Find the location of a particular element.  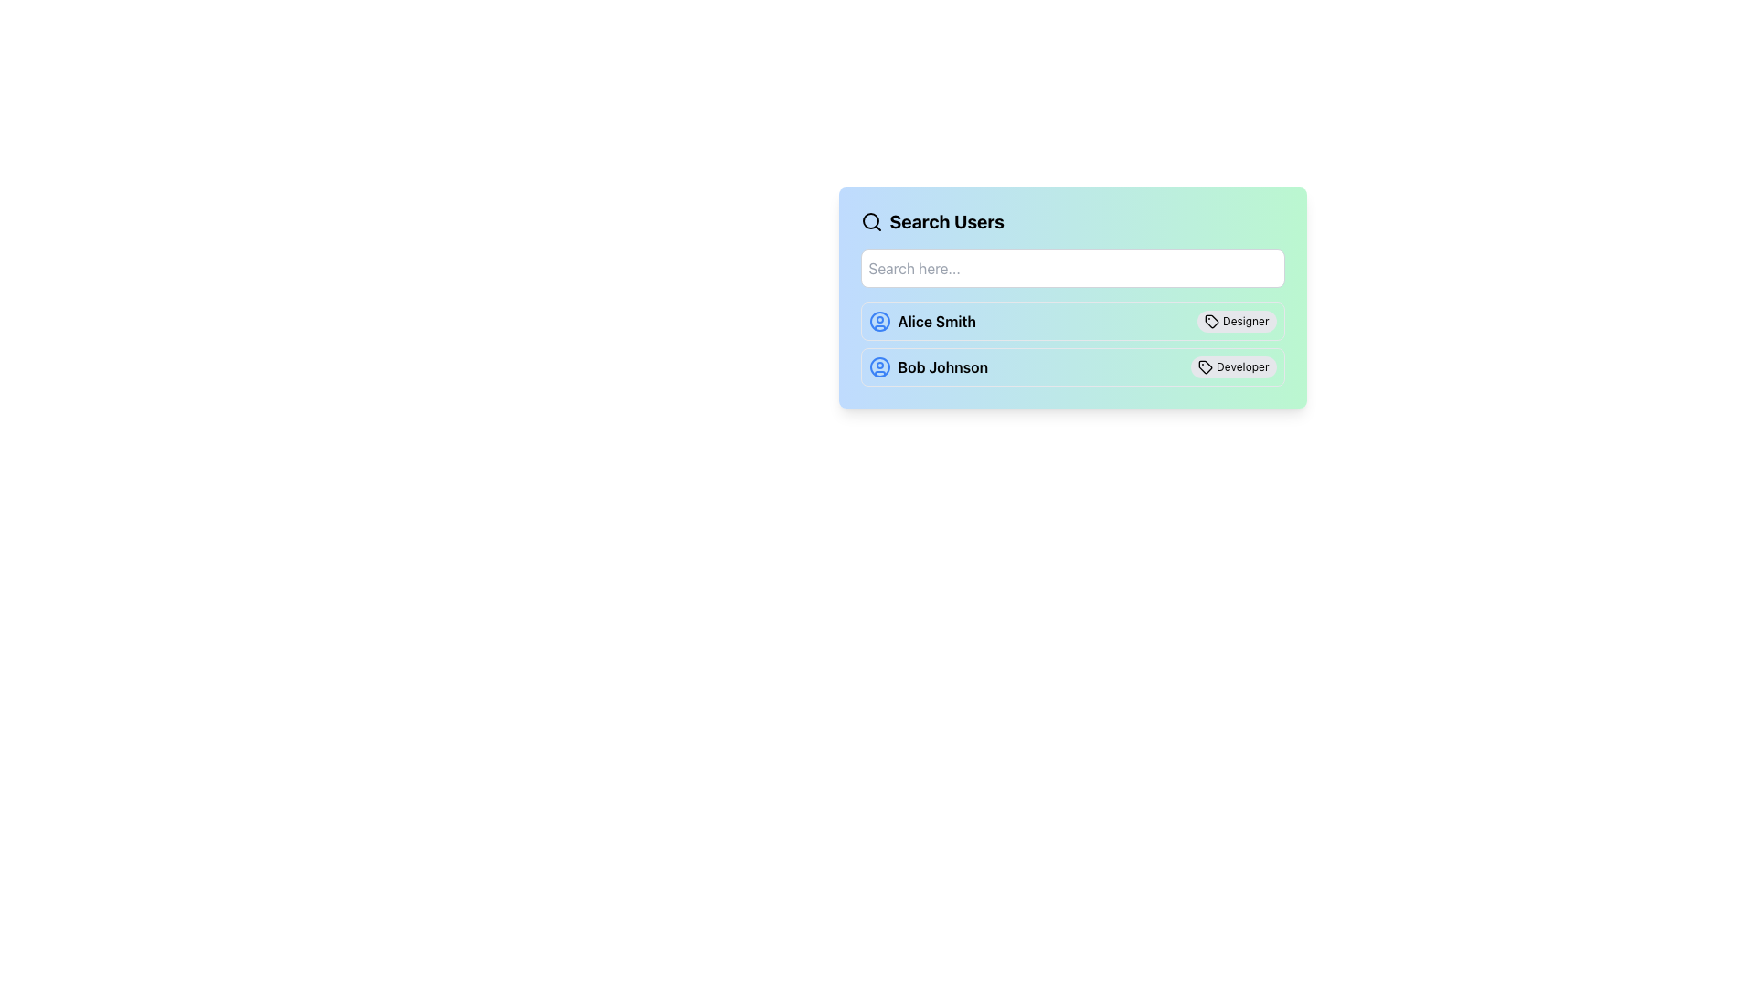

the first user profile item in the 'Search Users' panel is located at coordinates (1072, 310).